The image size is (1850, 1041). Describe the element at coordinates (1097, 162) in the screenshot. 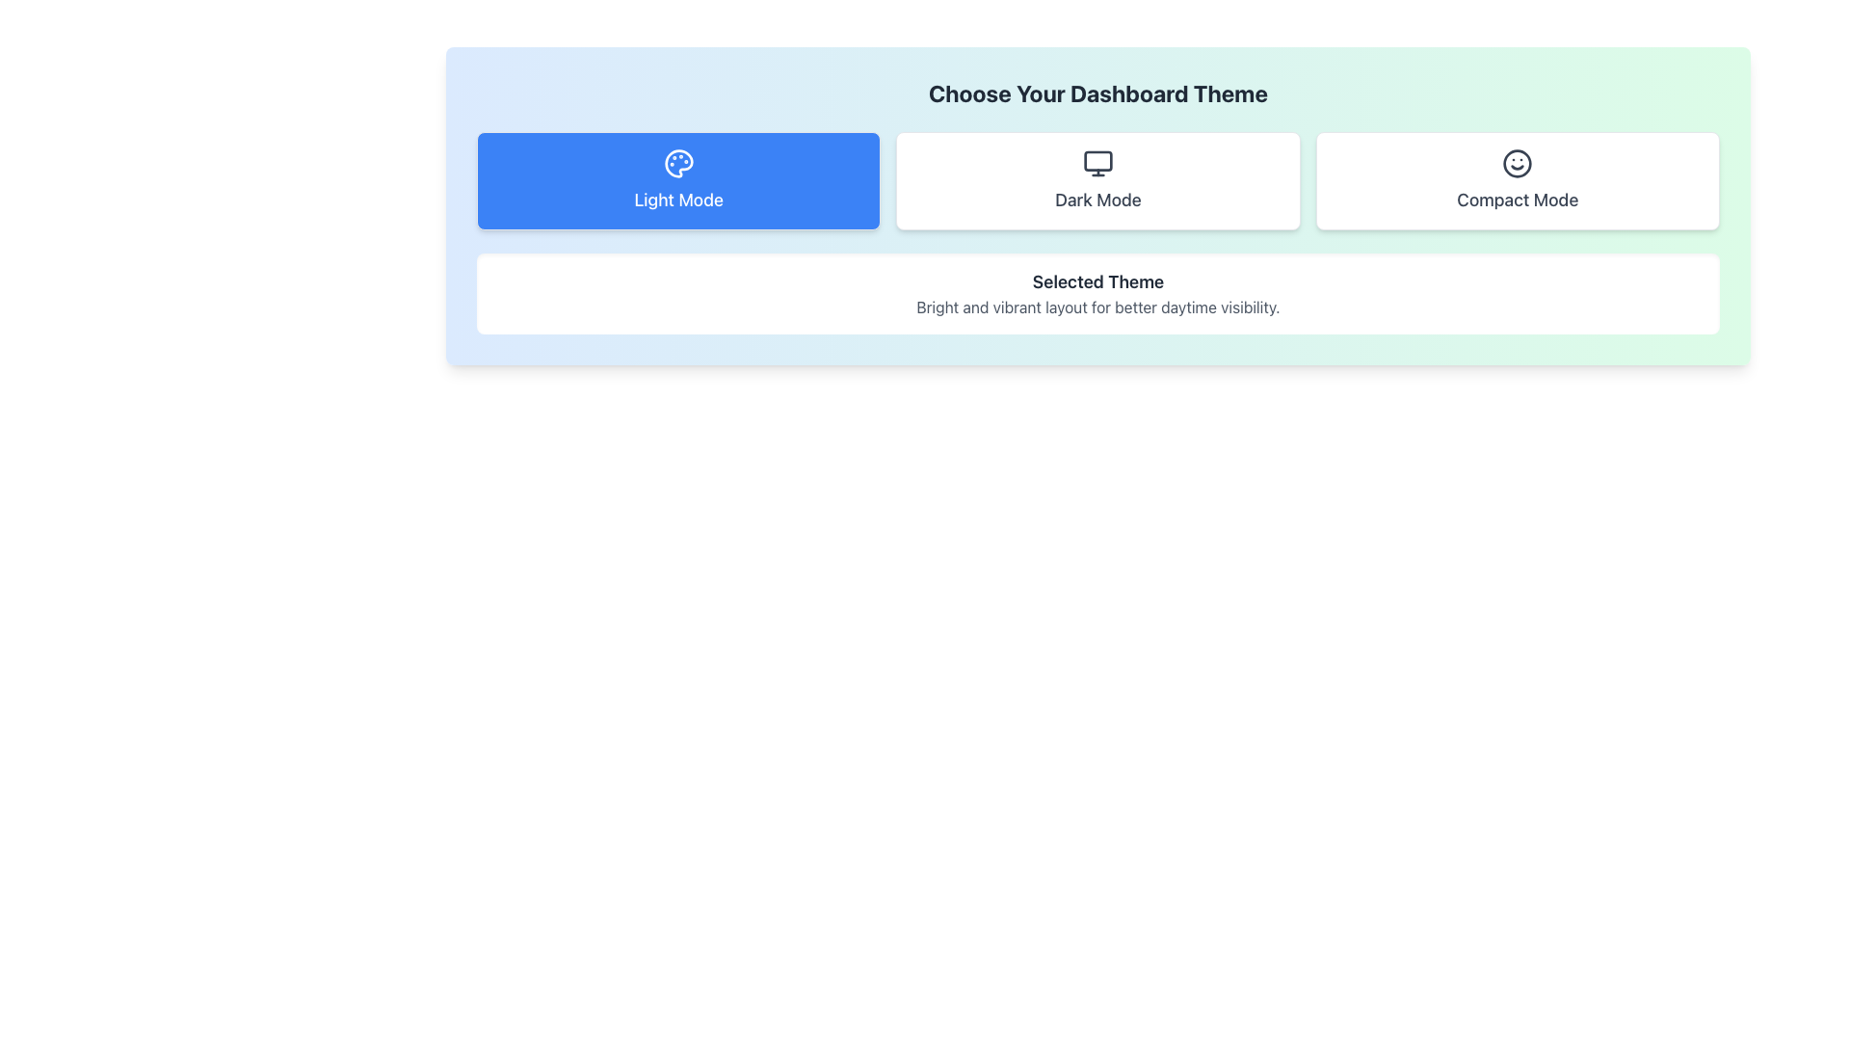

I see `the minimalistic computer monitor icon positioned above the 'Dark Mode' label in the interface` at that location.